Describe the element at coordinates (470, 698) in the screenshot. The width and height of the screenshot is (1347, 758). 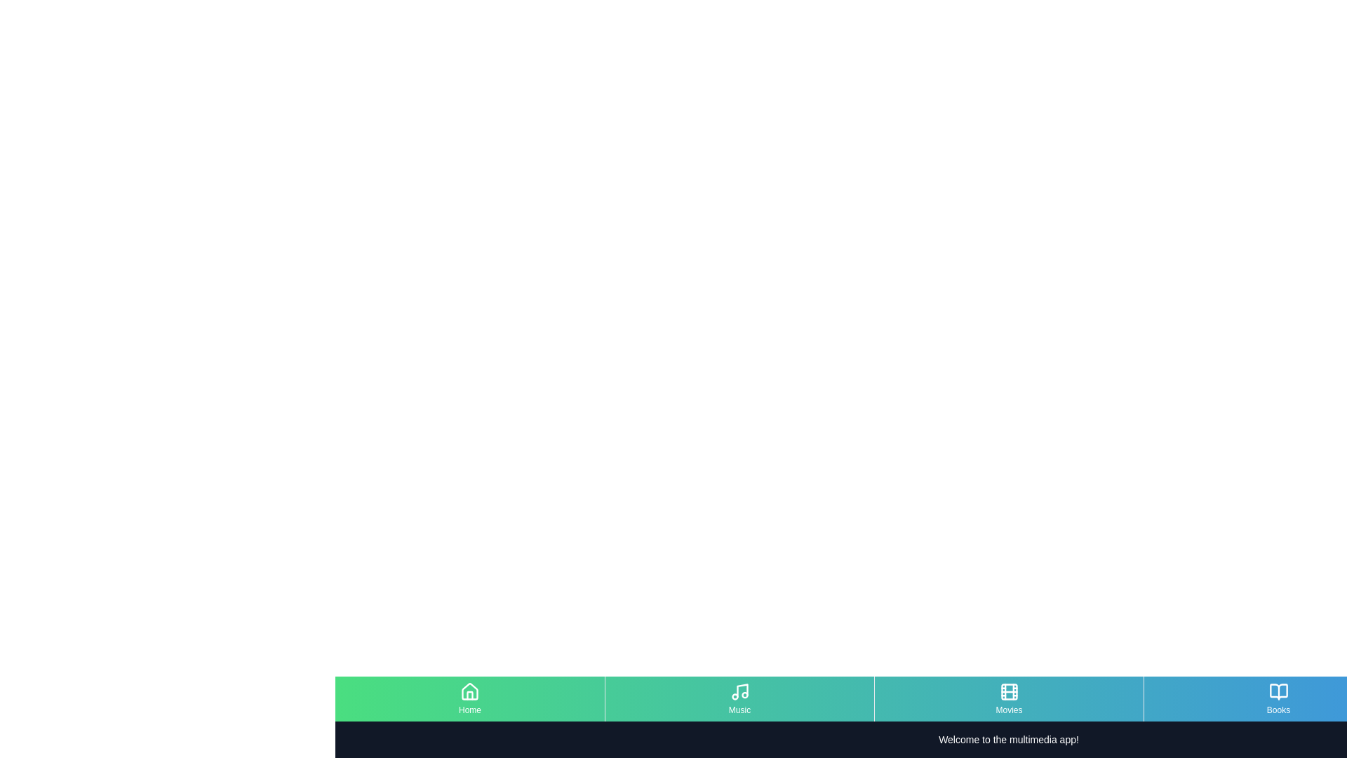
I see `the menu item Home to observe visual changes` at that location.